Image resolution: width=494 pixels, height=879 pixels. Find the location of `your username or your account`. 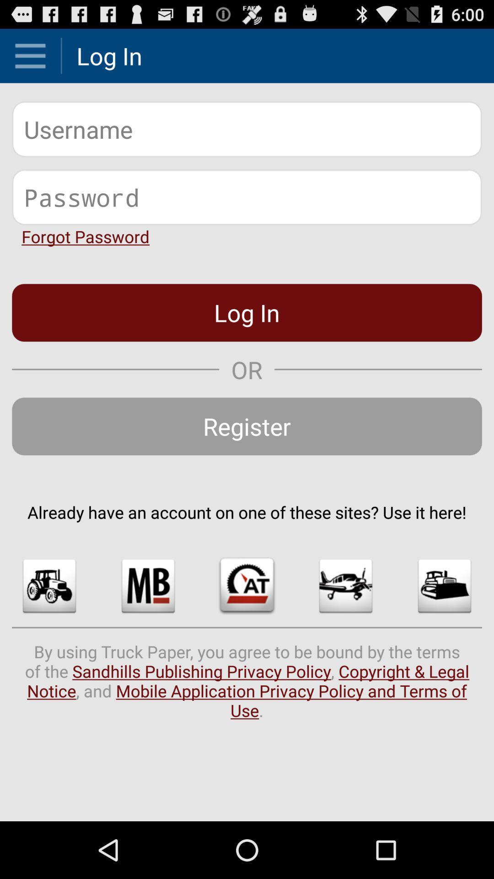

your username or your account is located at coordinates (247, 129).